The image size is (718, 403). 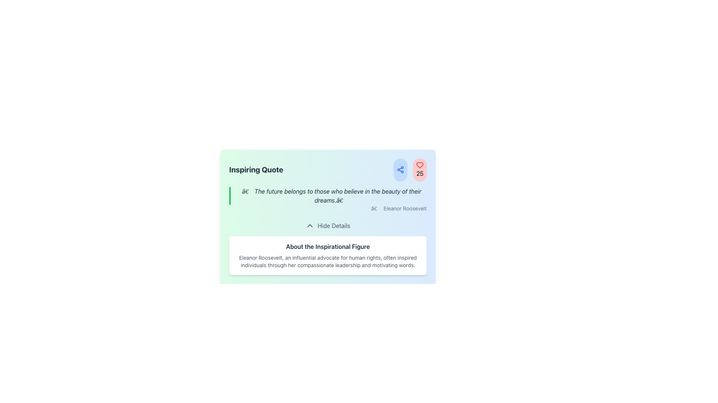 I want to click on the text element containing the quote '“The future belongs to those who believe in the beauty of their dreams.”' which is styled in italic font and bordered by a green stripe, so click(x=328, y=195).